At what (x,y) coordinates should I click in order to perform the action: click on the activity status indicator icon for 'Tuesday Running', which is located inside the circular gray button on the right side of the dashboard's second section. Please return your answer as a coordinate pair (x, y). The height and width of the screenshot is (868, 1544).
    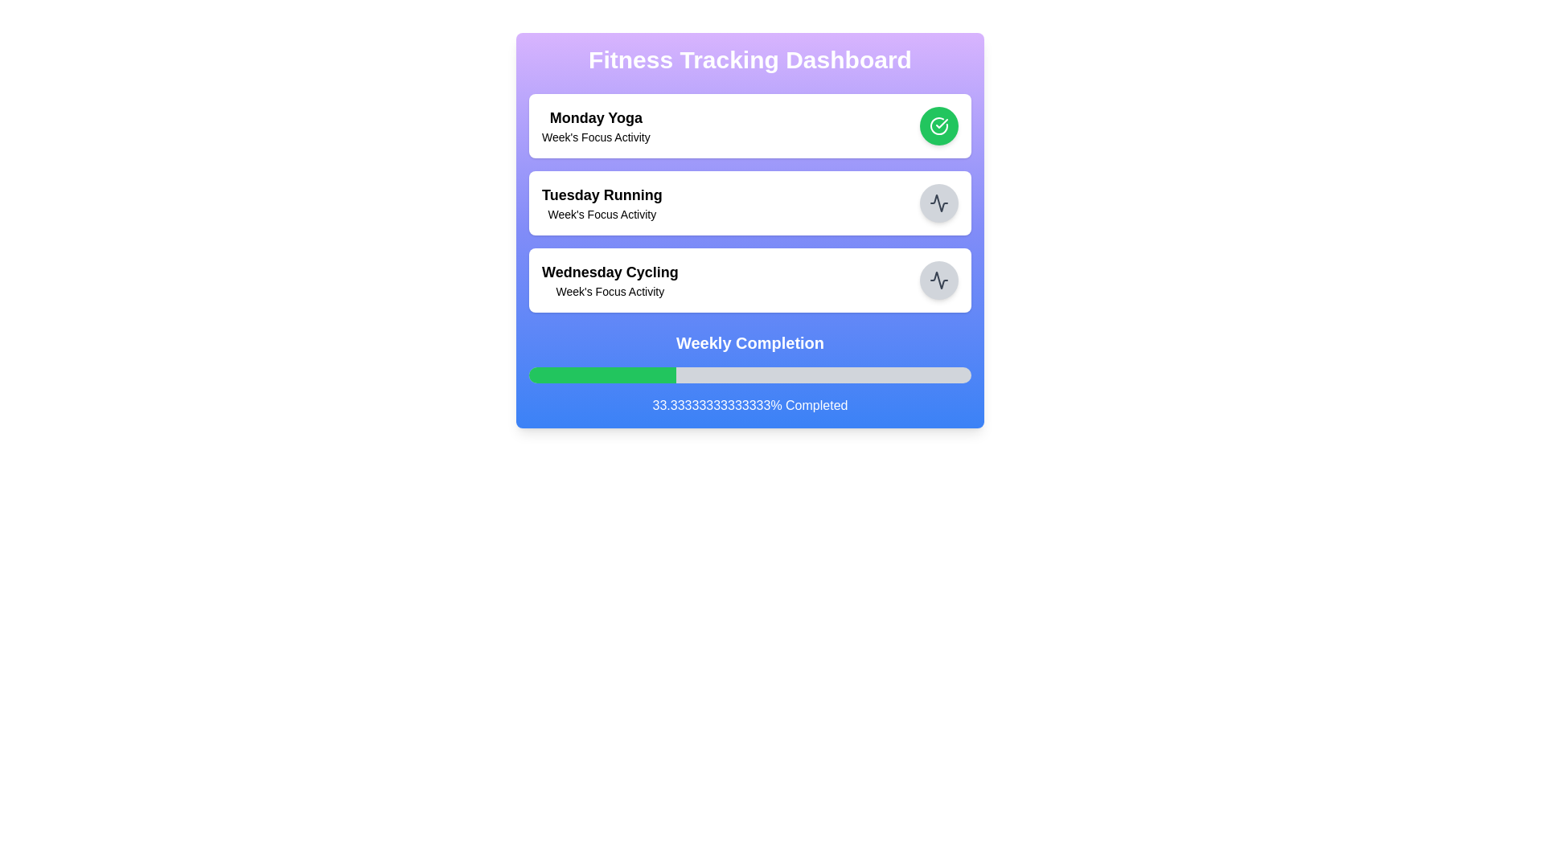
    Looking at the image, I should click on (938, 279).